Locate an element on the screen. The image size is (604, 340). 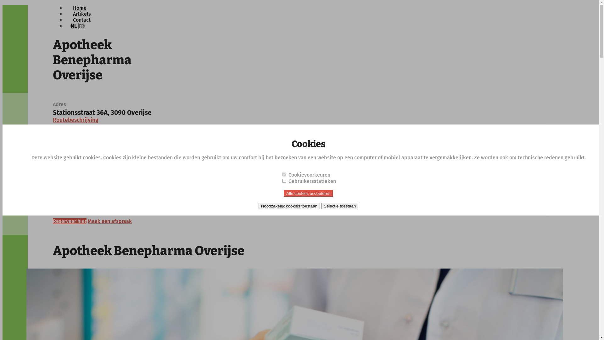
'benepharma.apotheek.be' is located at coordinates (100, 196).